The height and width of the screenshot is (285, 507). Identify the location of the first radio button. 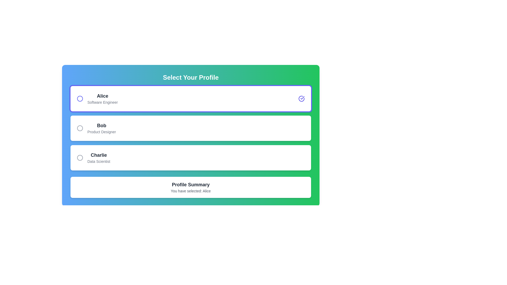
(79, 99).